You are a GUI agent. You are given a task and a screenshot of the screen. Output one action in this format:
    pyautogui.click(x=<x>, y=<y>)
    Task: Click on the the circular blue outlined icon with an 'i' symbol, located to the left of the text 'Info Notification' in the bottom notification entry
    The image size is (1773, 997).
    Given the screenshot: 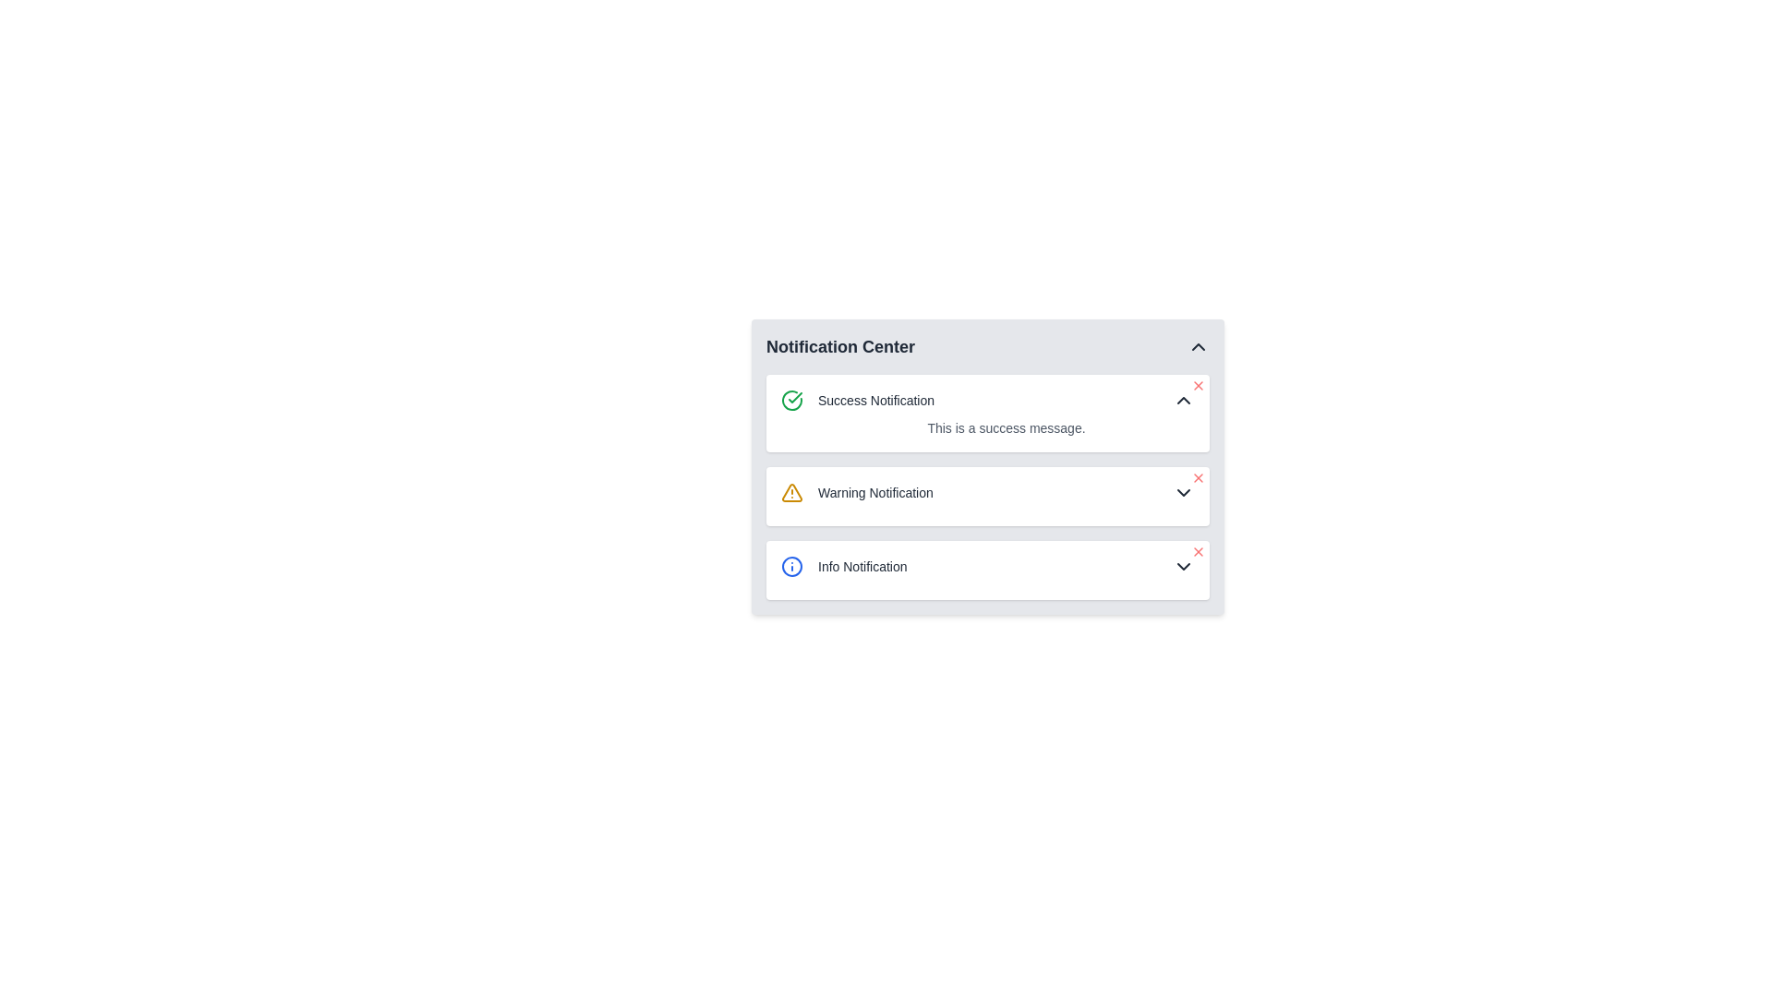 What is the action you would take?
    pyautogui.click(x=792, y=565)
    